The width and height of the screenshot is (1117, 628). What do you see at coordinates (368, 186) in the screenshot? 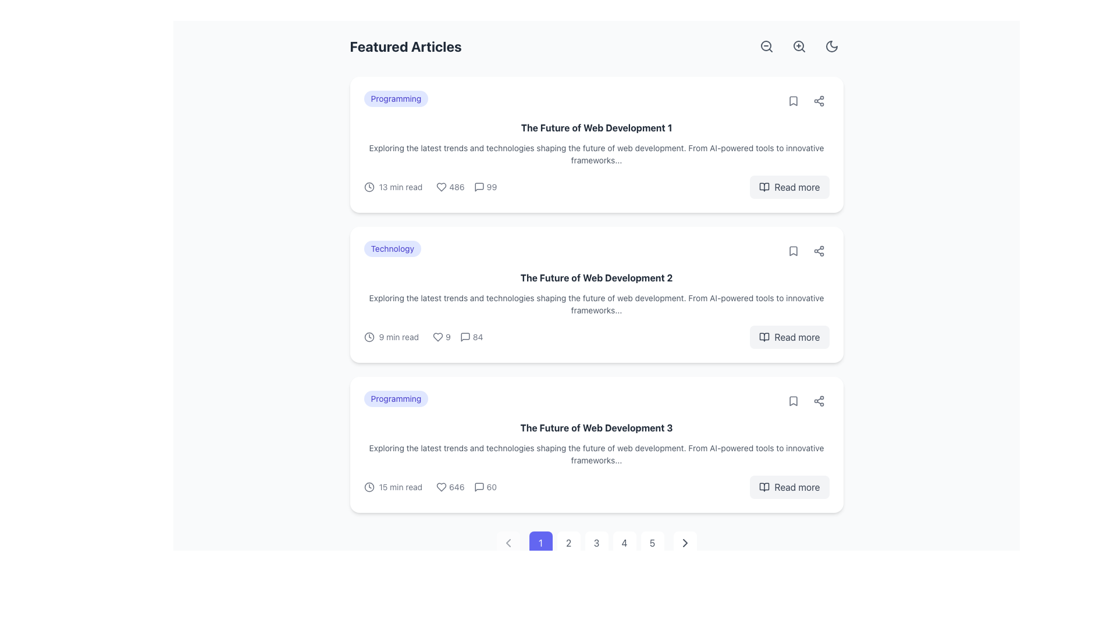
I see `the small circular clock icon with a thin outline and clock hands, located next to the '13 min read' text in the top article card` at bounding box center [368, 186].